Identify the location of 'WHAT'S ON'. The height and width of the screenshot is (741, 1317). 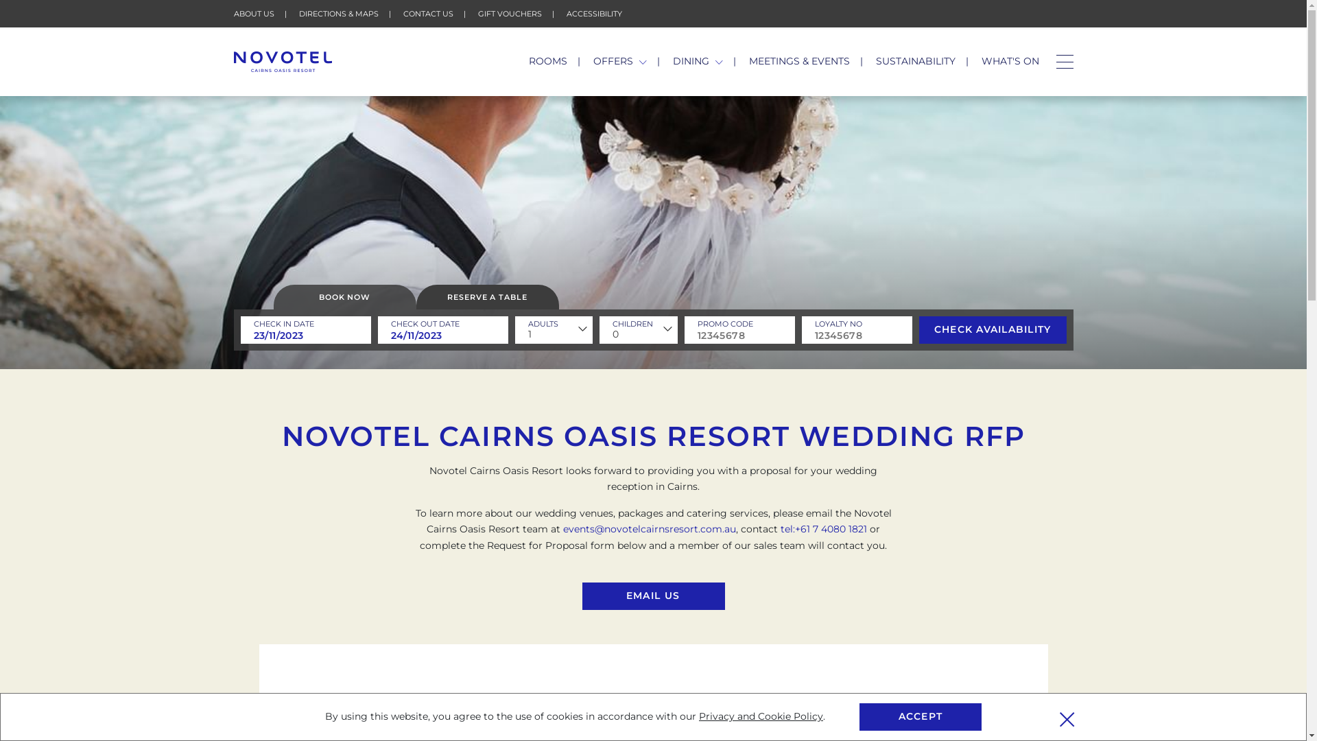
(1010, 60).